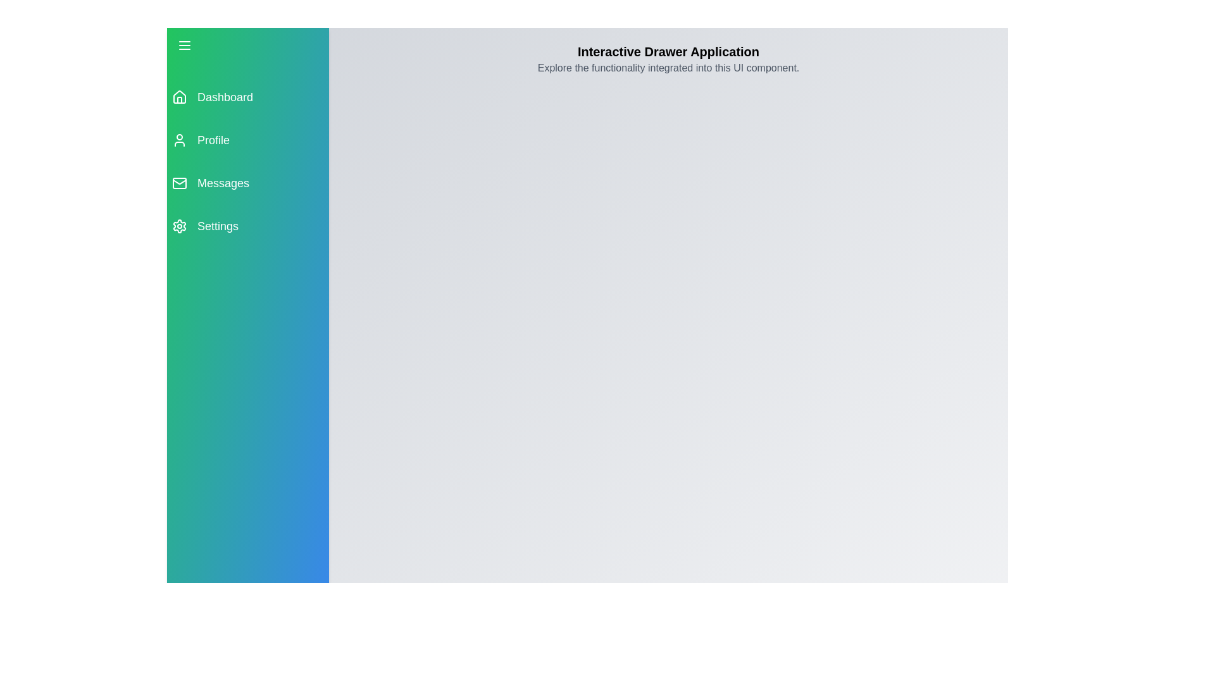  Describe the element at coordinates (248, 183) in the screenshot. I see `the menu item labeled Messages` at that location.